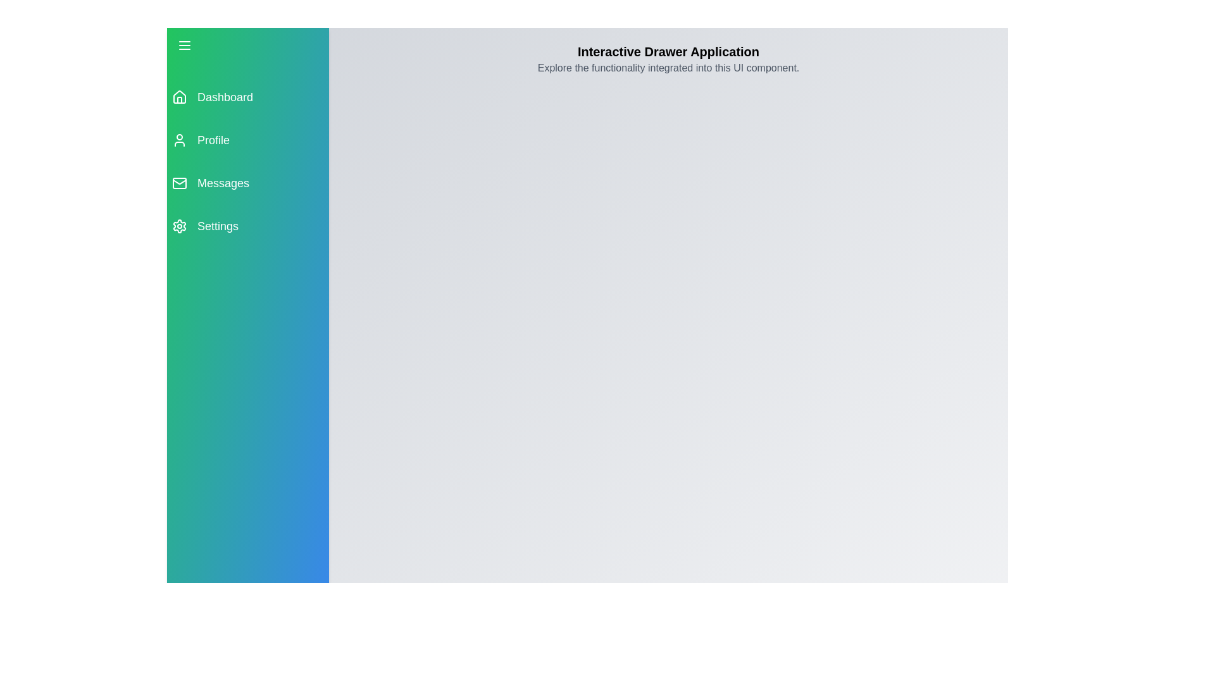  Describe the element at coordinates (248, 183) in the screenshot. I see `the menu item labeled Messages` at that location.